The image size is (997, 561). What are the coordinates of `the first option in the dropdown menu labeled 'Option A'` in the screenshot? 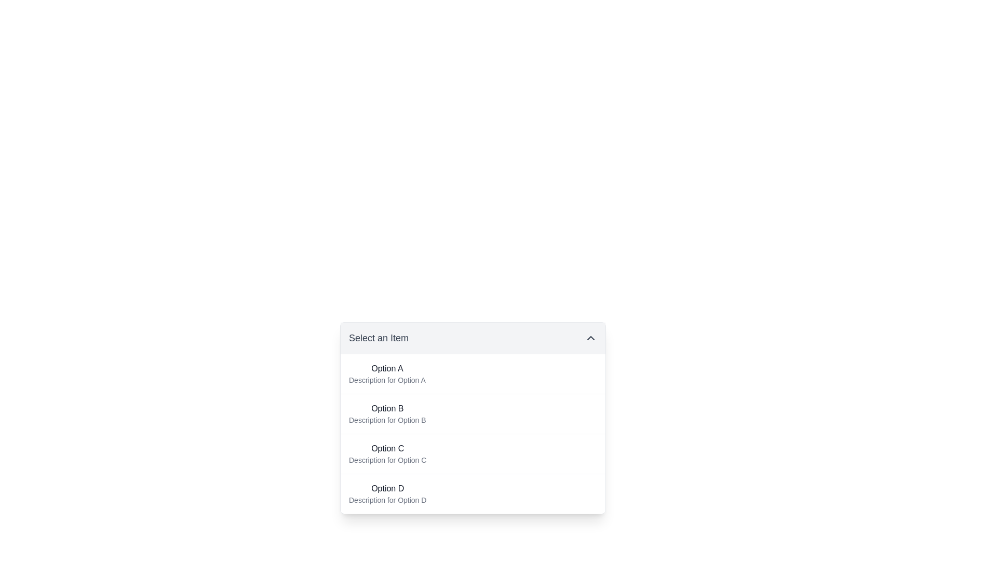 It's located at (386, 374).